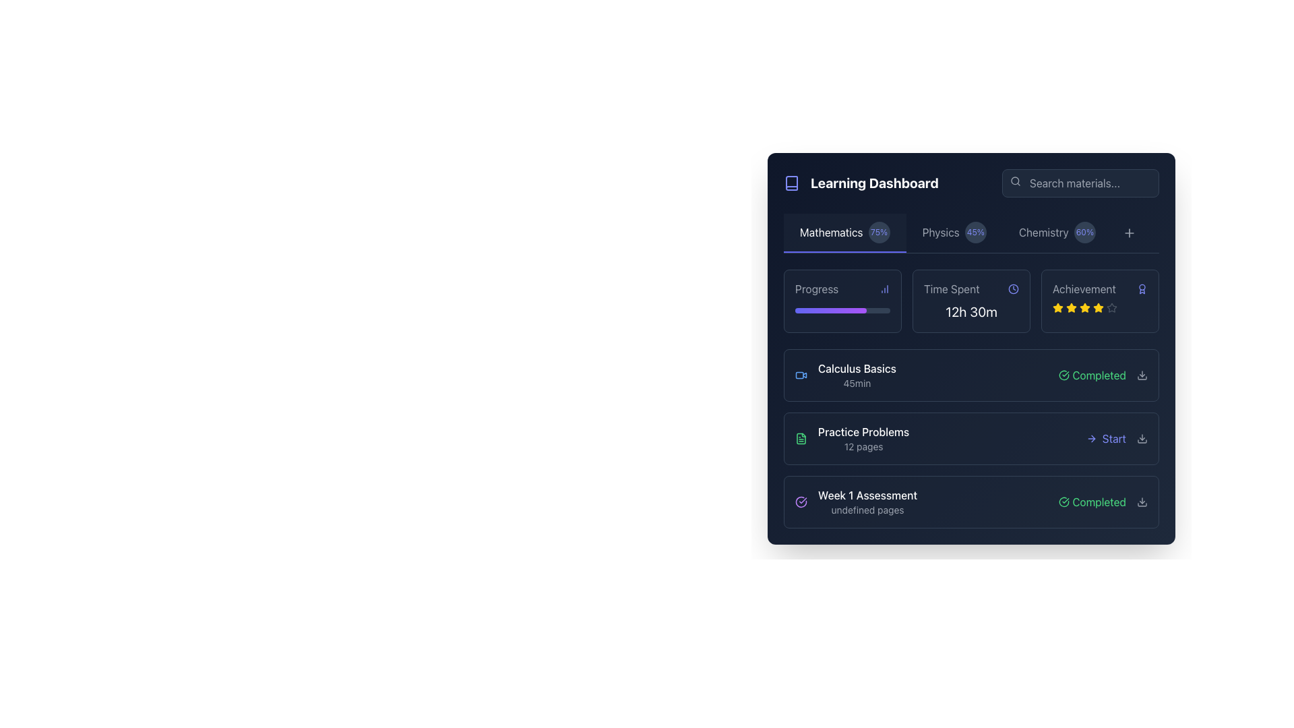 The image size is (1294, 728). What do you see at coordinates (1091, 439) in the screenshot?
I see `the arrow icon next to the 'Start' label in the 'Practice Problems' section` at bounding box center [1091, 439].